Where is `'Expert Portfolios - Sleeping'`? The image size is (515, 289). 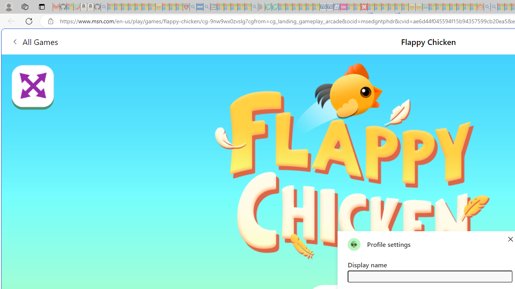 'Expert Portfolios - Sleeping' is located at coordinates (453, 7).